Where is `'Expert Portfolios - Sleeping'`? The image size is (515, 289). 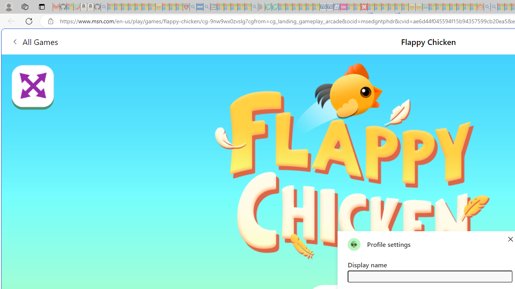 'Expert Portfolios - Sleeping' is located at coordinates (453, 7).